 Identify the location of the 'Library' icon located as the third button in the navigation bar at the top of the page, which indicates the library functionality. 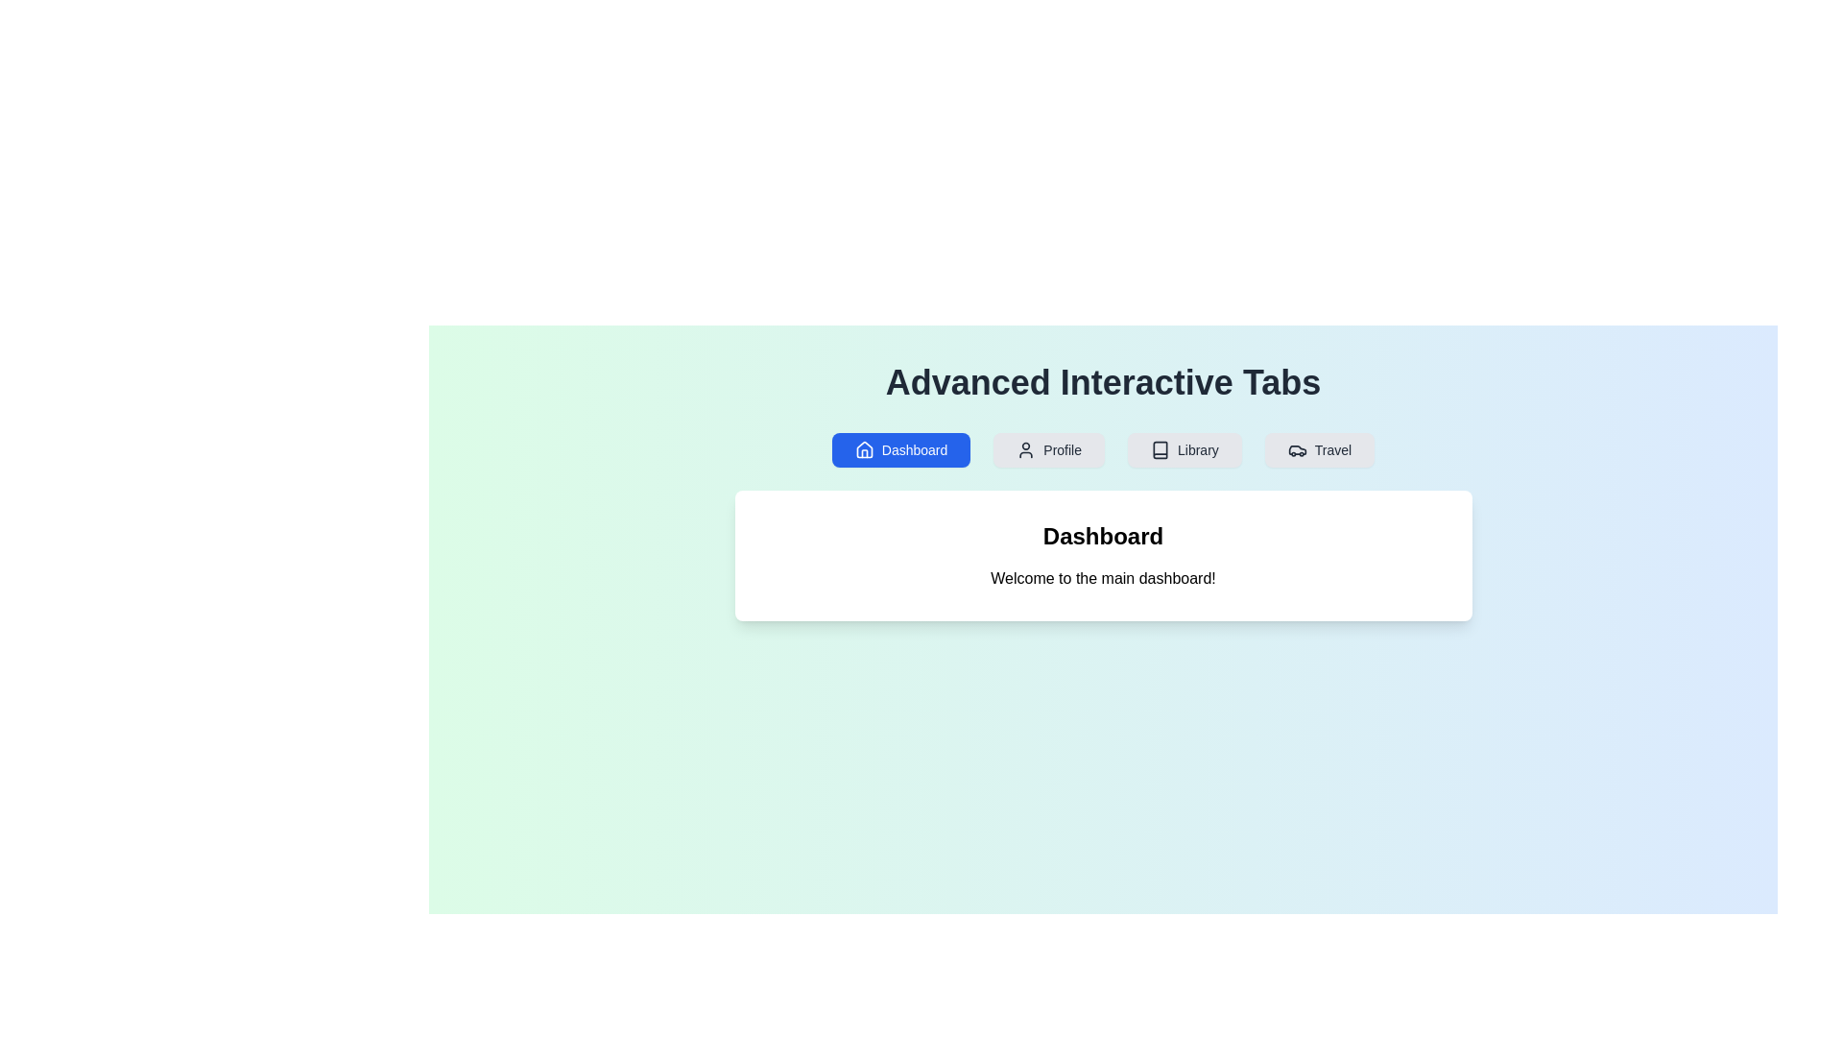
(1160, 450).